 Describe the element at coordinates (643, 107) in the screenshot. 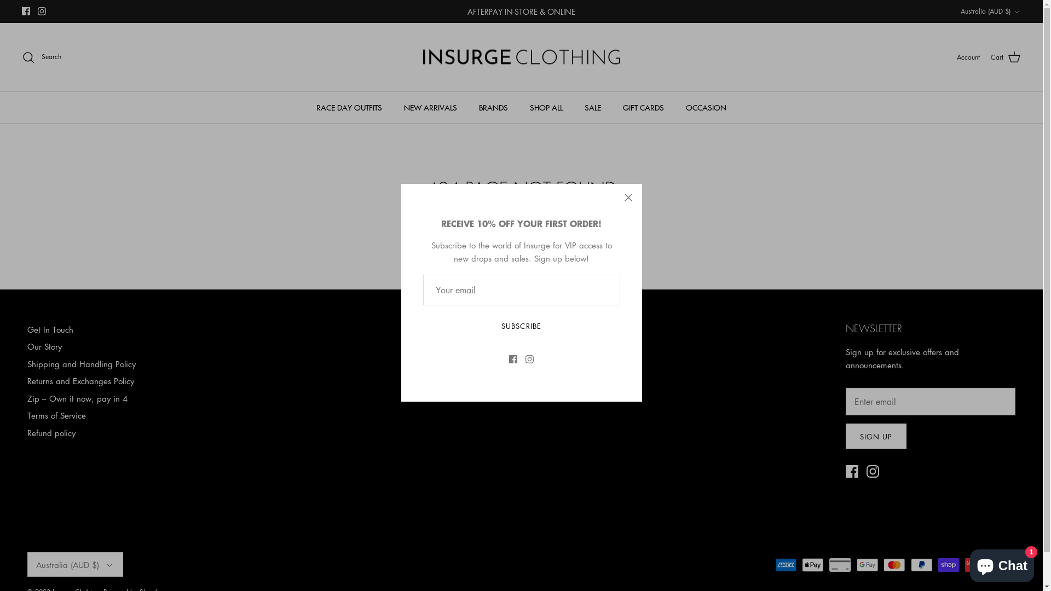

I see `'GIFT CARDS'` at that location.